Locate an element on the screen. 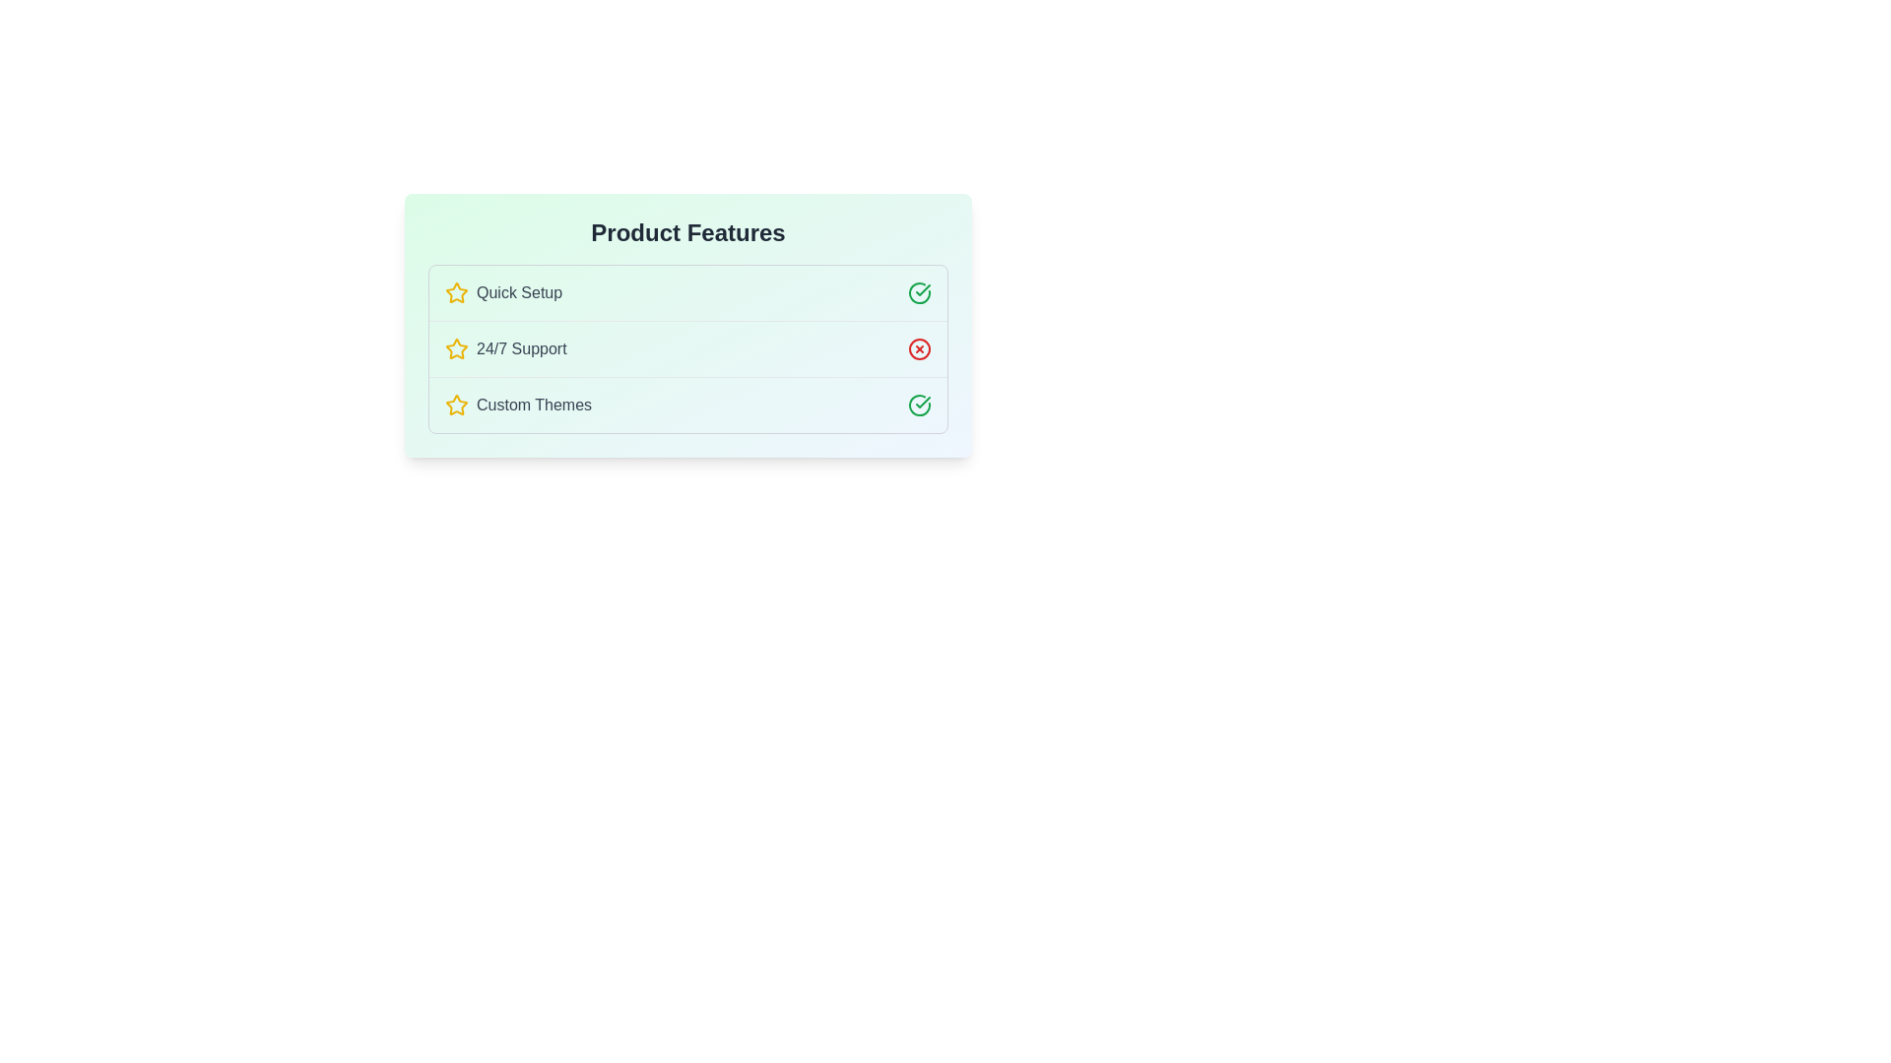 This screenshot has height=1063, width=1891. star icon next to the feature named Custom Themes is located at coordinates (456, 405).